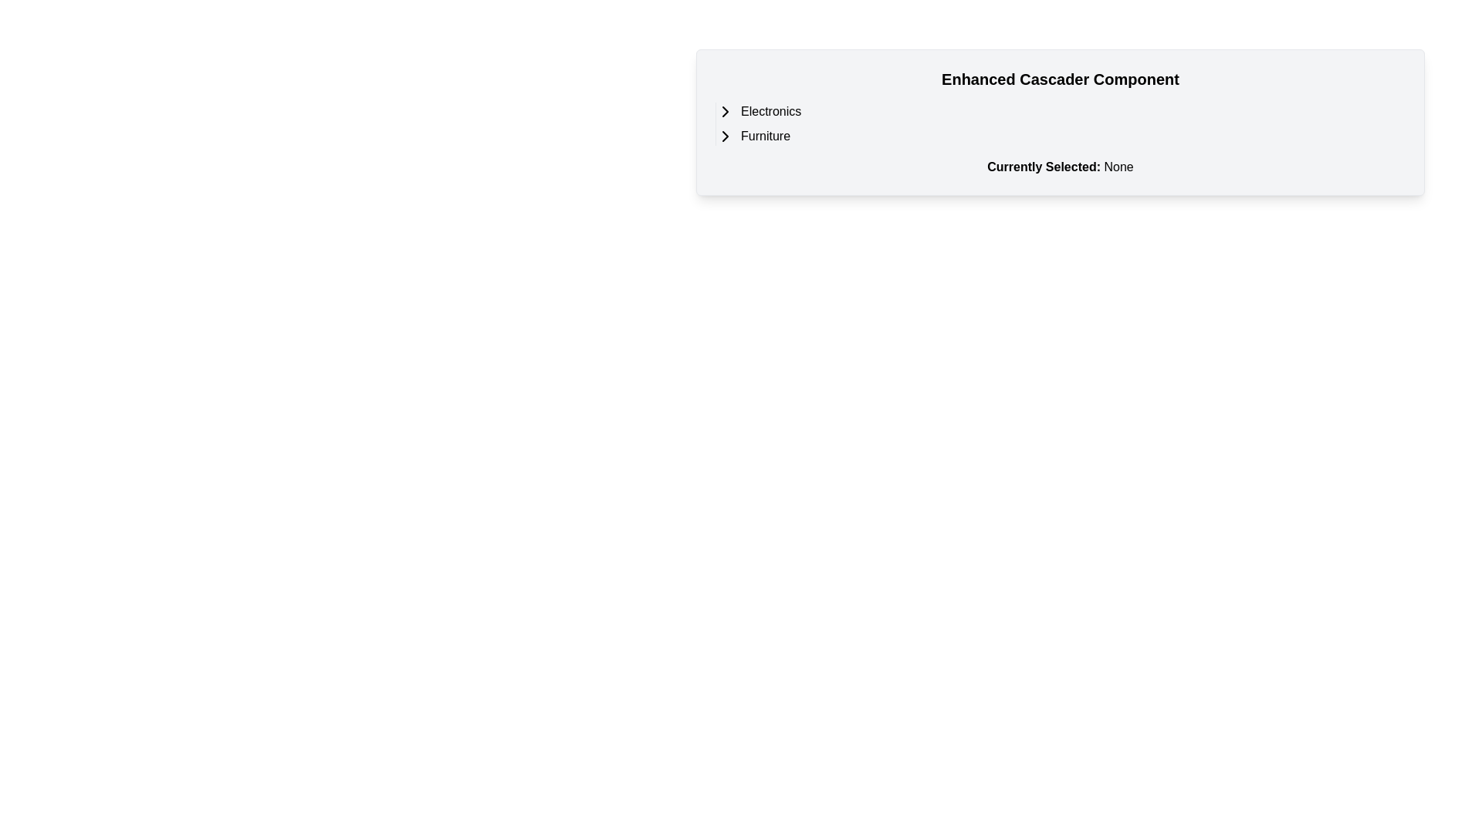 This screenshot has width=1482, height=833. What do you see at coordinates (766, 136) in the screenshot?
I see `the 'Furniture' text label` at bounding box center [766, 136].